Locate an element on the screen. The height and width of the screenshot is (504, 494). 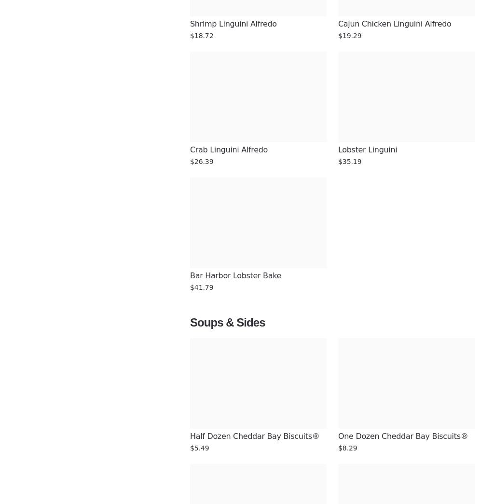
'$8.29' is located at coordinates (347, 448).